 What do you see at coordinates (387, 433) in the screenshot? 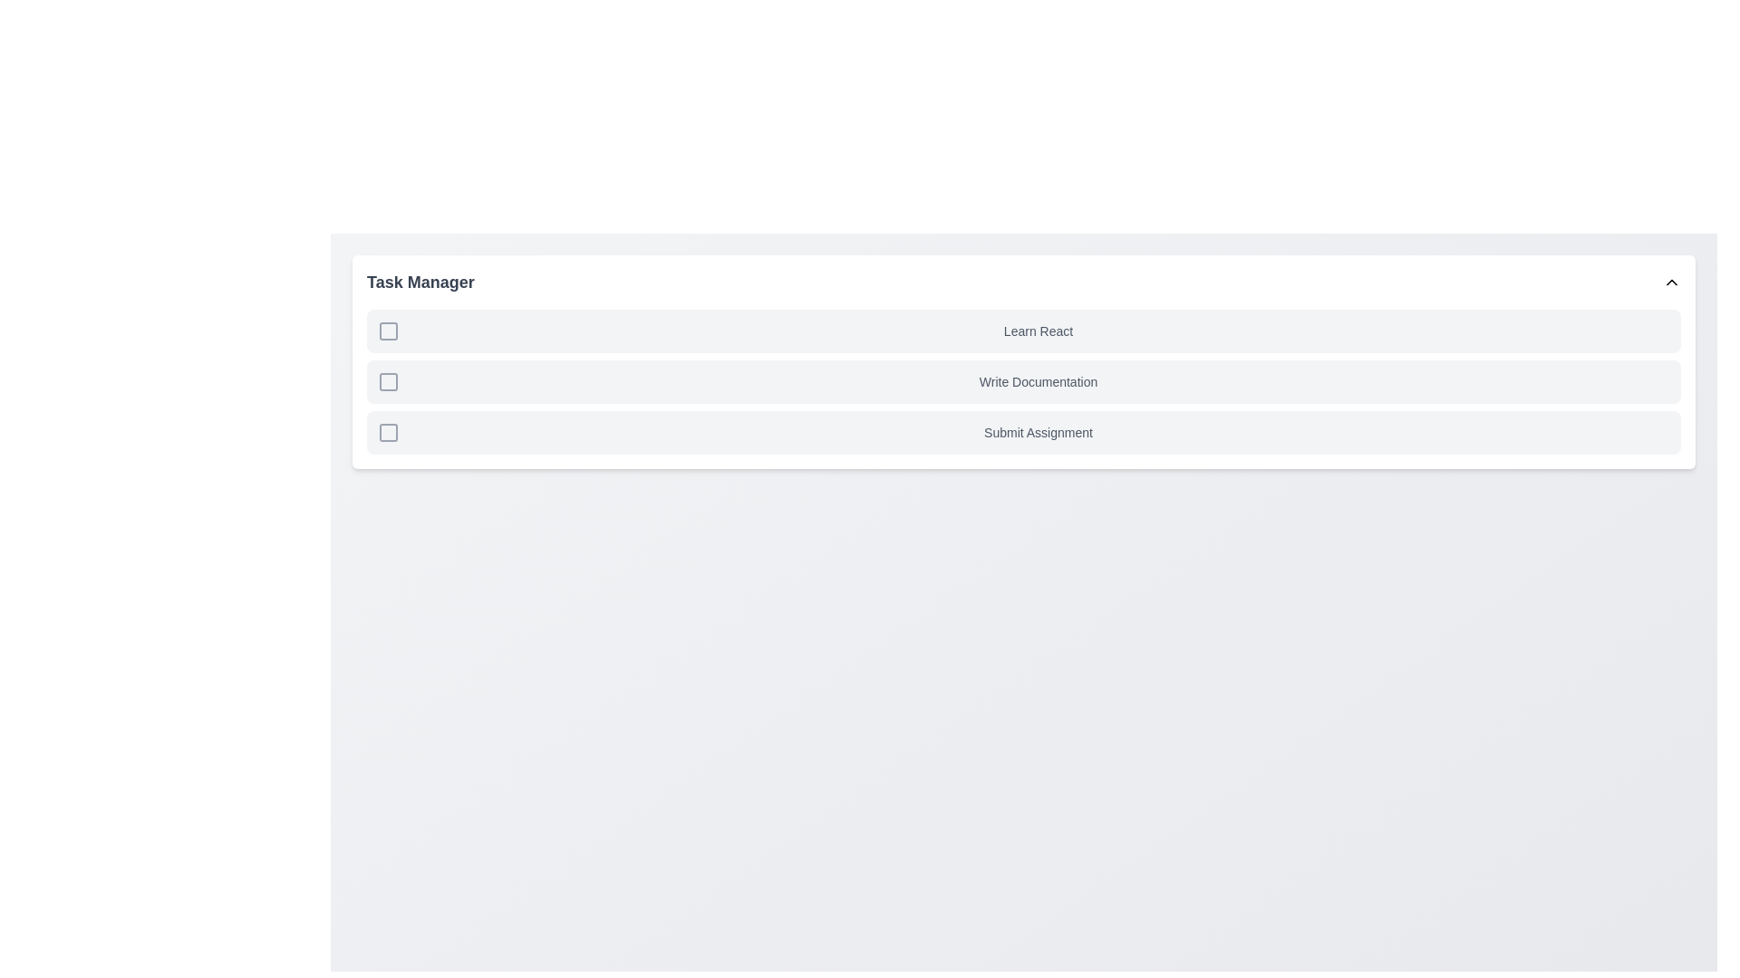
I see `the checkbox for task Submit Assignment` at bounding box center [387, 433].